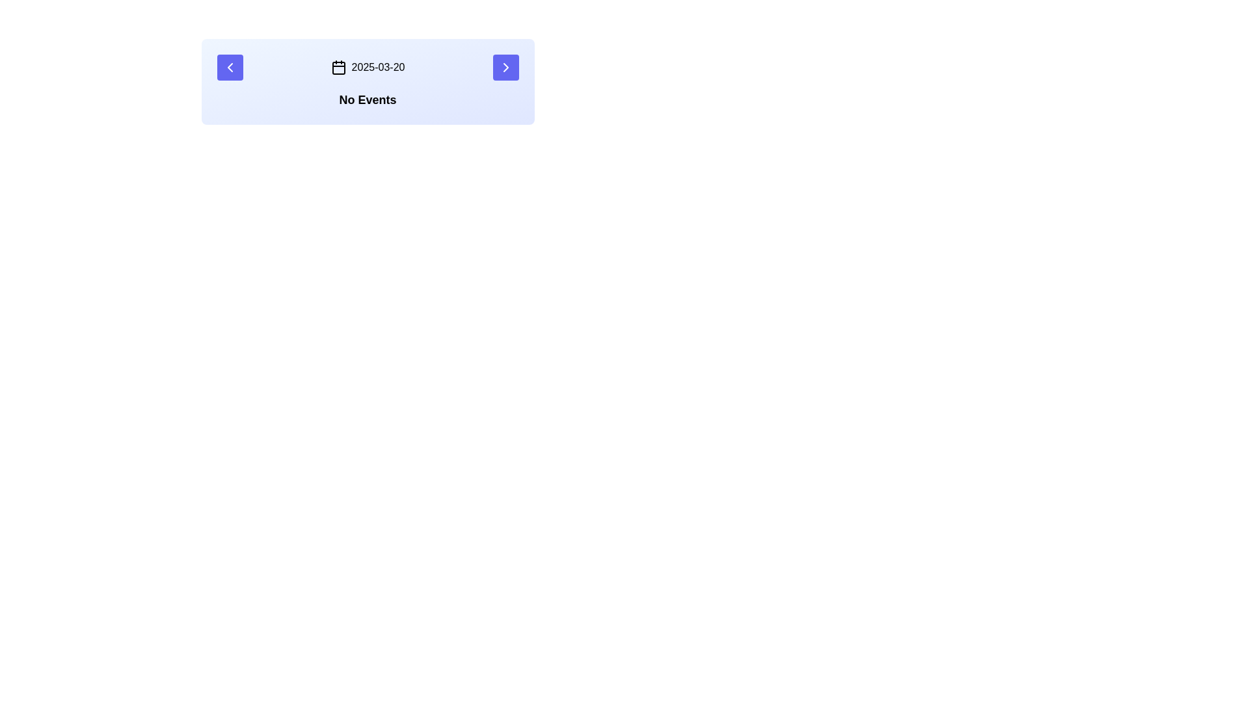  I want to click on the deep indigo button with a left-pointing chevron icon to observe the hover effect that darkens its background, so click(230, 68).